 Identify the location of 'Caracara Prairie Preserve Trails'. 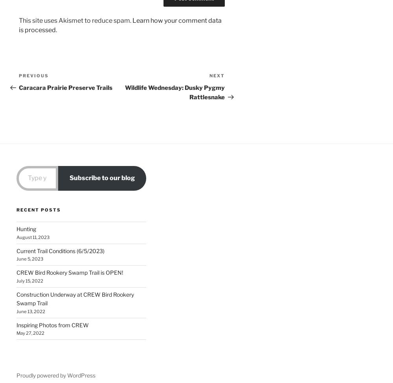
(66, 87).